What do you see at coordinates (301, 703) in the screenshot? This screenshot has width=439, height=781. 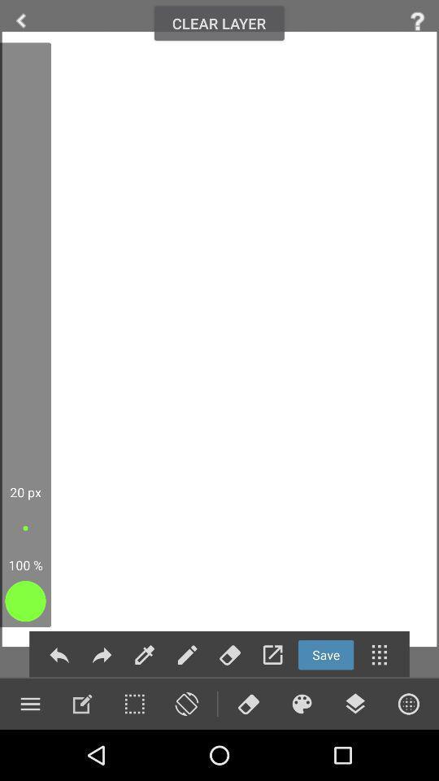 I see `video option` at bounding box center [301, 703].